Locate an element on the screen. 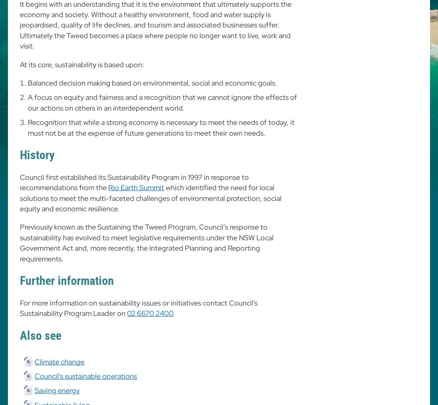  'Council's sustainable operations' is located at coordinates (35, 375).